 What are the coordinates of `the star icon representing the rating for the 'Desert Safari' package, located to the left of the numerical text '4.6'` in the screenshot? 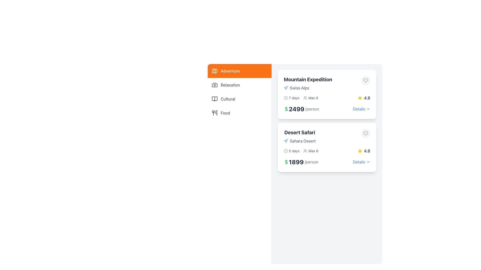 It's located at (360, 151).